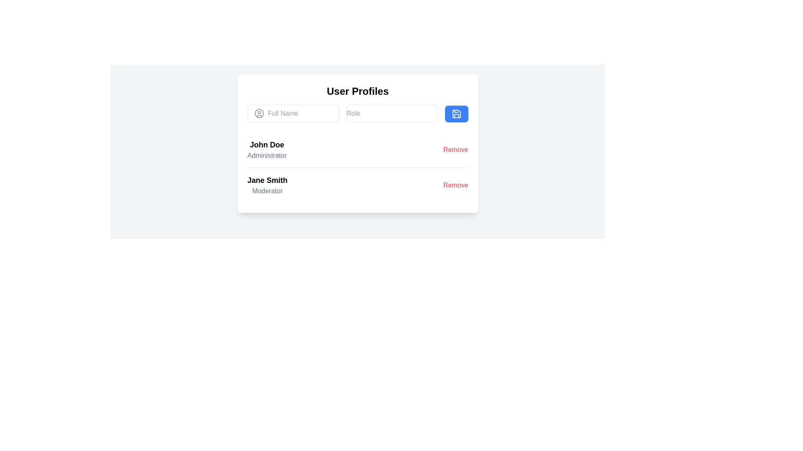 Image resolution: width=803 pixels, height=451 pixels. What do you see at coordinates (266, 149) in the screenshot?
I see `the text label displaying the user's name and role ('Administrator') in the 'User Profiles' section, positioned above 'Jane Smith'` at bounding box center [266, 149].